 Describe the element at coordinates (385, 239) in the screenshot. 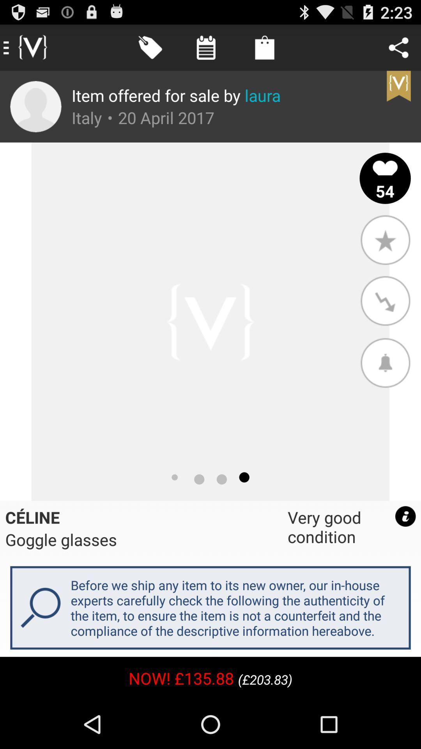

I see `the icon below 54` at that location.